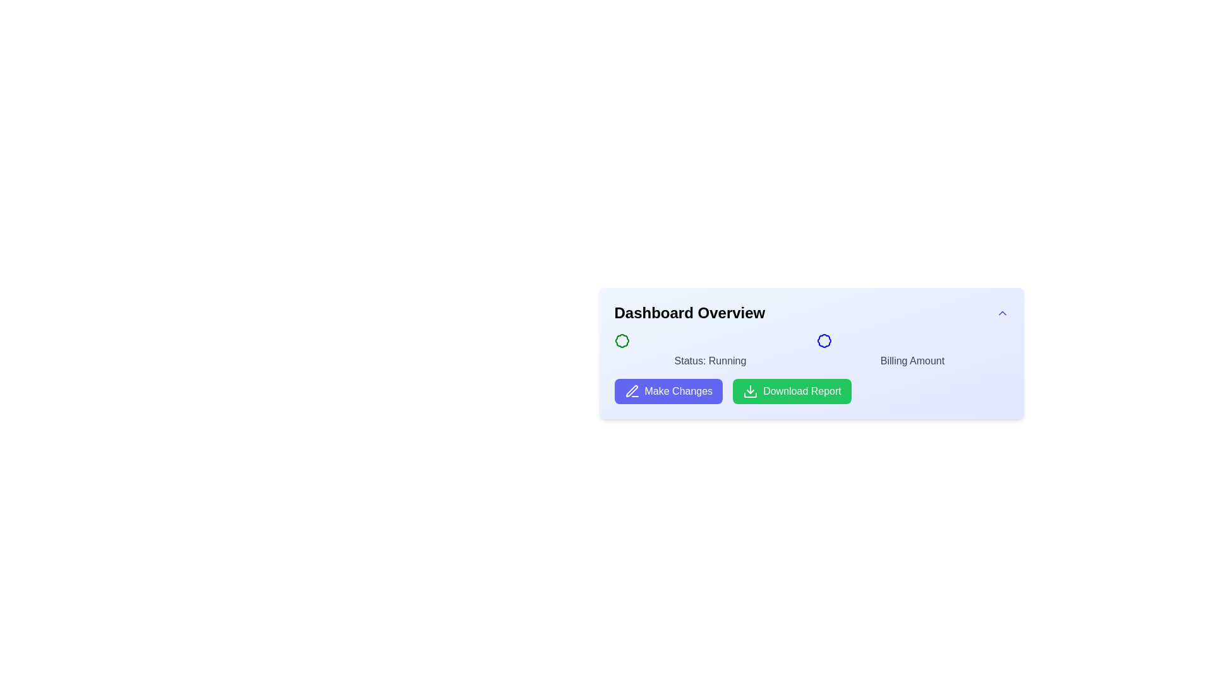 This screenshot has width=1213, height=682. I want to click on the download button located at the bottom of the 'Dashboard Overview' panel, so click(811, 391).